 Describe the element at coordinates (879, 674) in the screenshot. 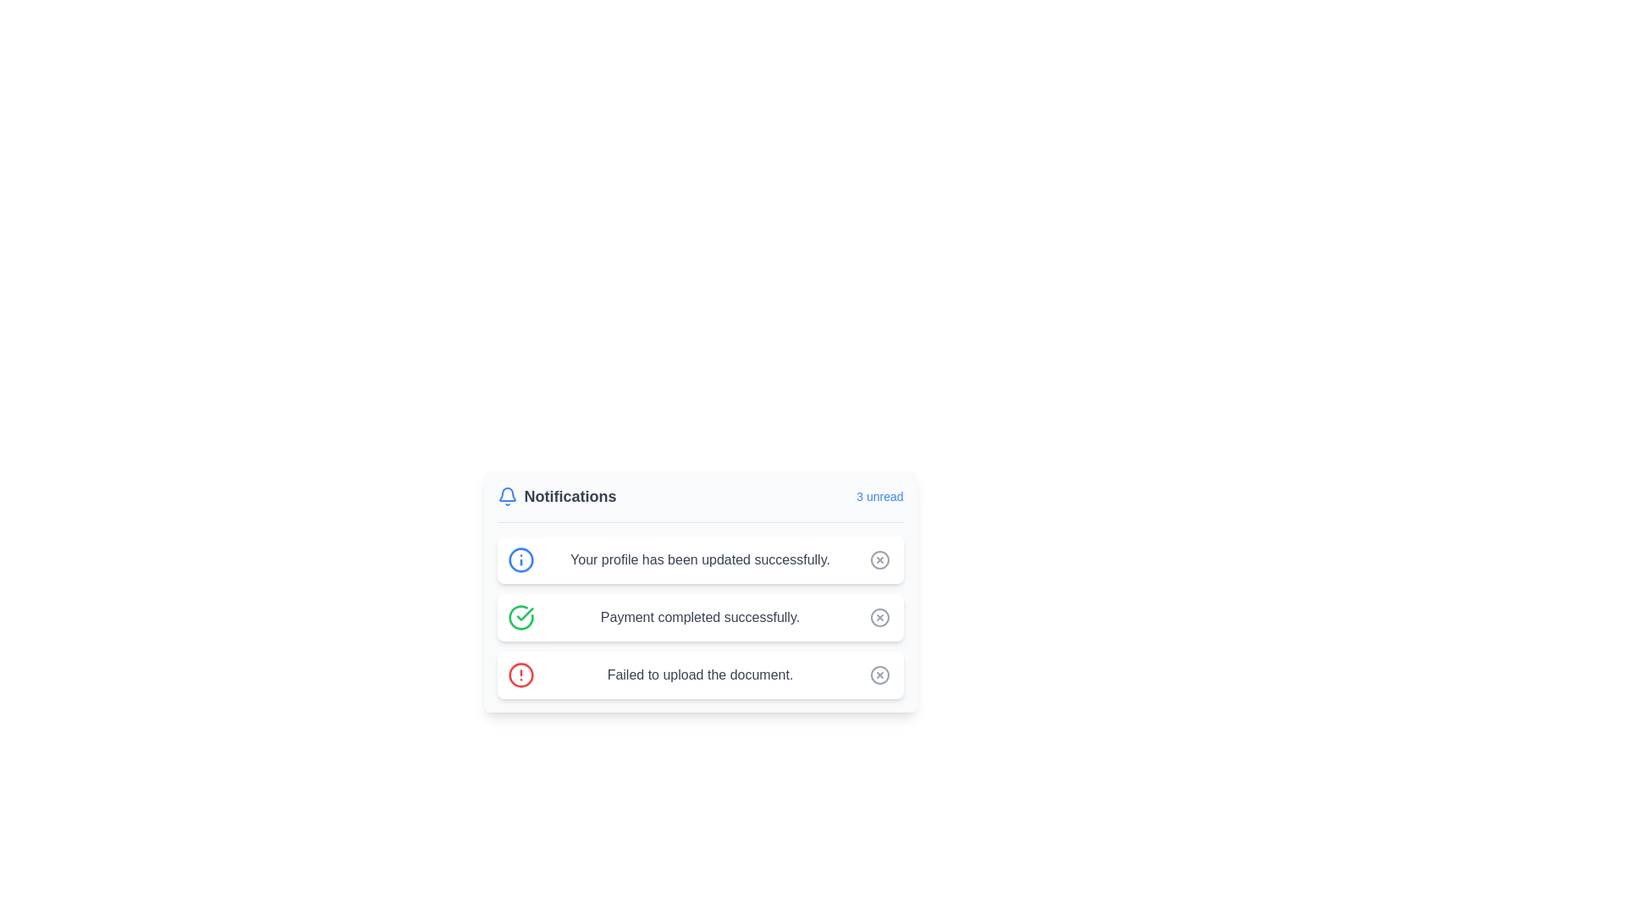

I see `the dismiss button, which is a circular gray-bordered icon with an 'x' symbol, located at the far right of the bottom row in the notification panel, next to the 'Failed to upload the document.' notification` at that location.